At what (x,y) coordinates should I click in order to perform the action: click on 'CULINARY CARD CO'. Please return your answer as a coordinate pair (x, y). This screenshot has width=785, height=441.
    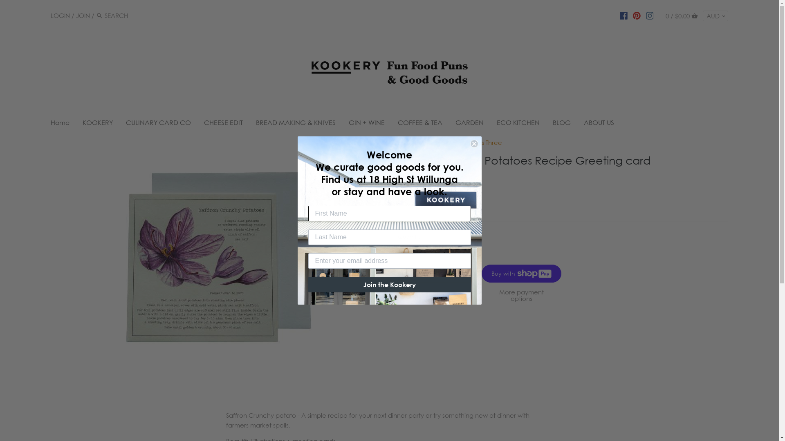
    Looking at the image, I should click on (119, 124).